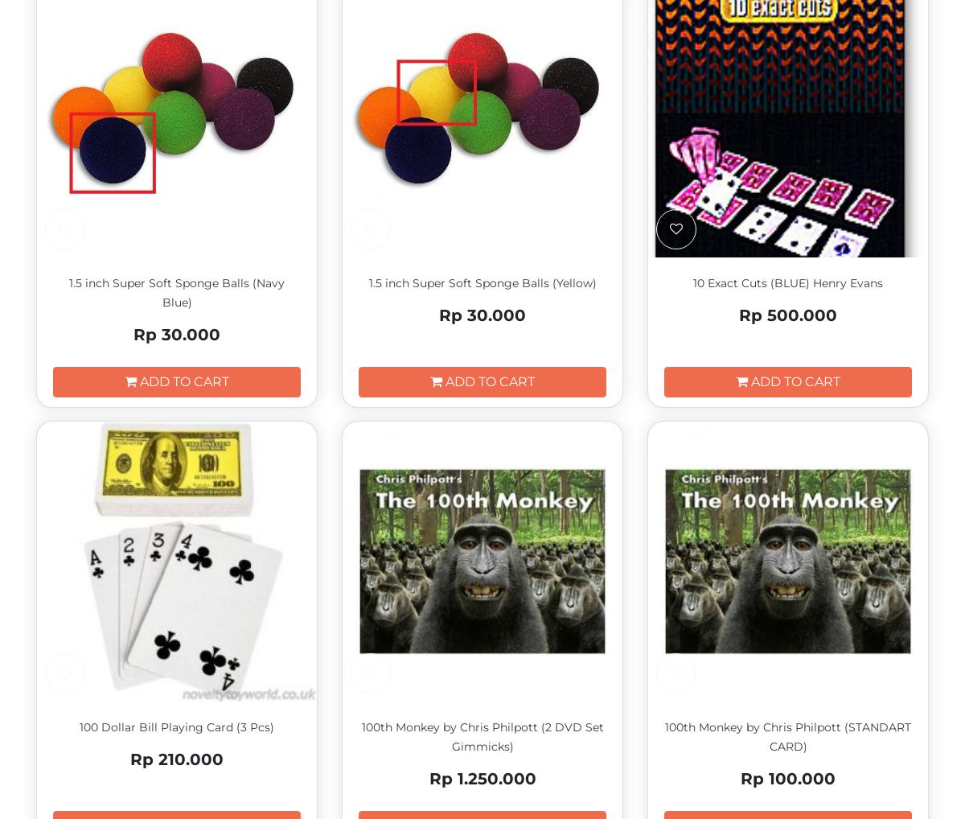 The width and height of the screenshot is (965, 819). Describe the element at coordinates (788, 282) in the screenshot. I see `'10 Exact Cuts (BLUE) Henry Evans'` at that location.